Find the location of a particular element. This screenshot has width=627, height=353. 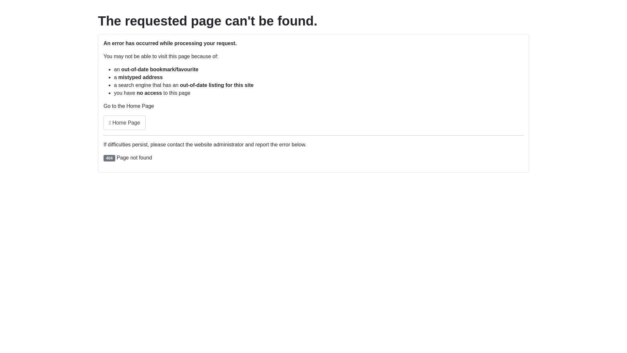

'Home Page' is located at coordinates (124, 123).